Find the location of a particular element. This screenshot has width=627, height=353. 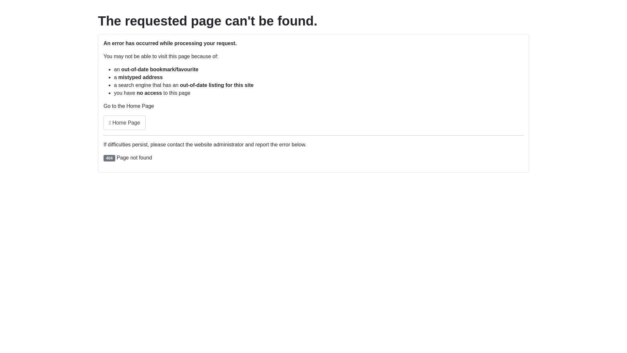

'Home Page' is located at coordinates (124, 123).